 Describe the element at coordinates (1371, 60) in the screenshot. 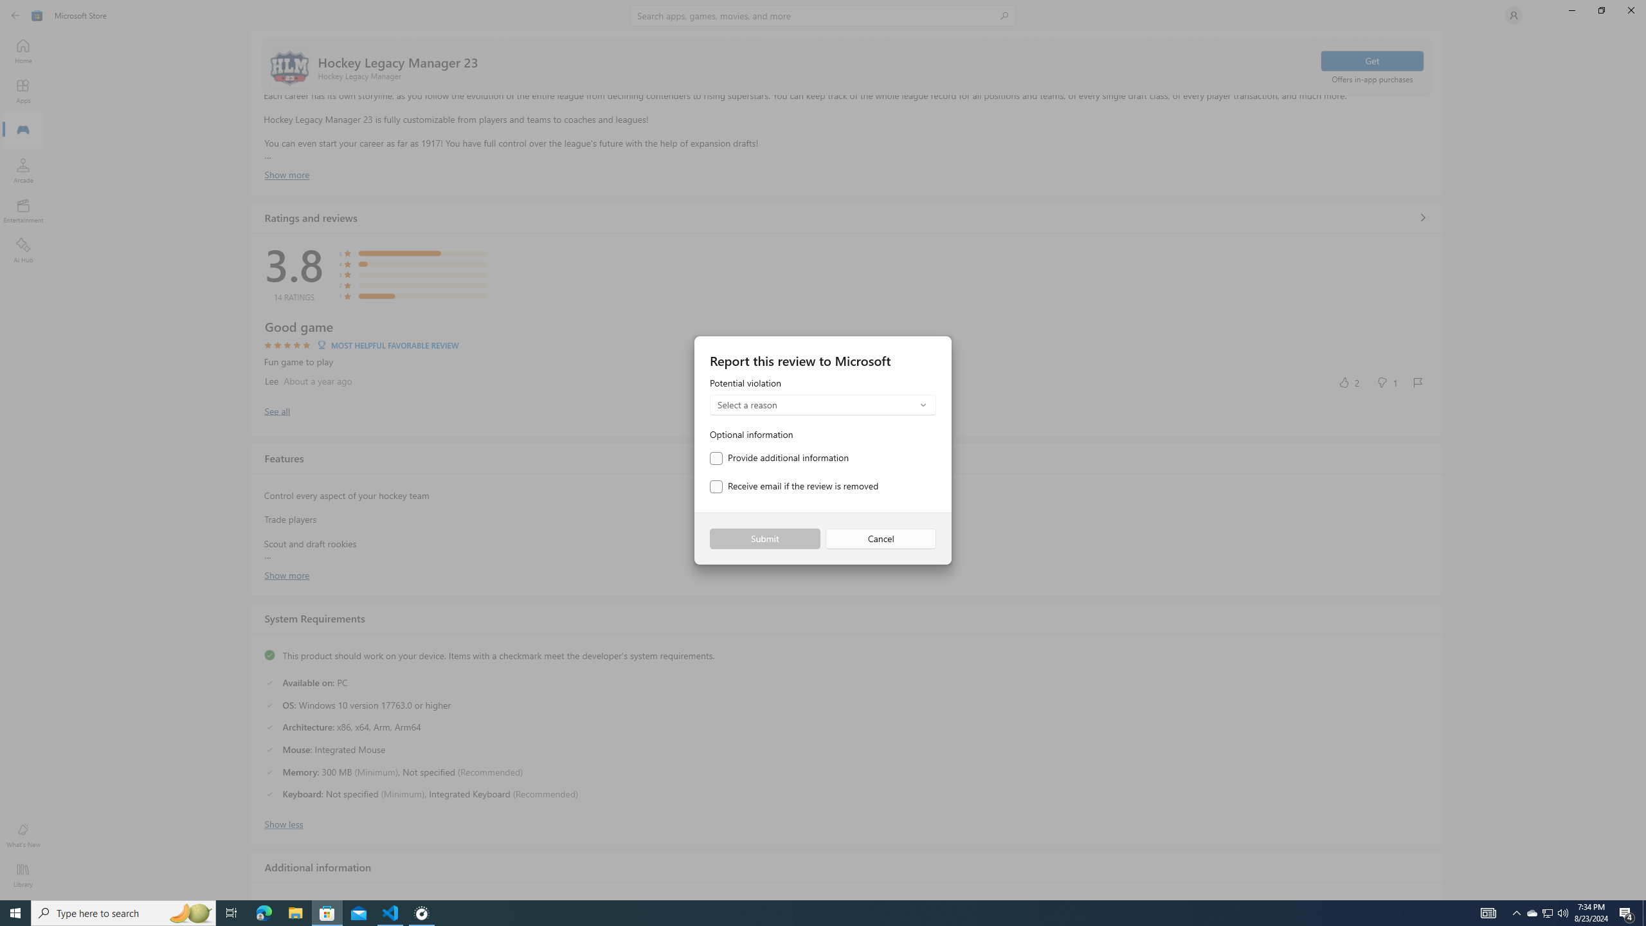

I see `'Get'` at that location.